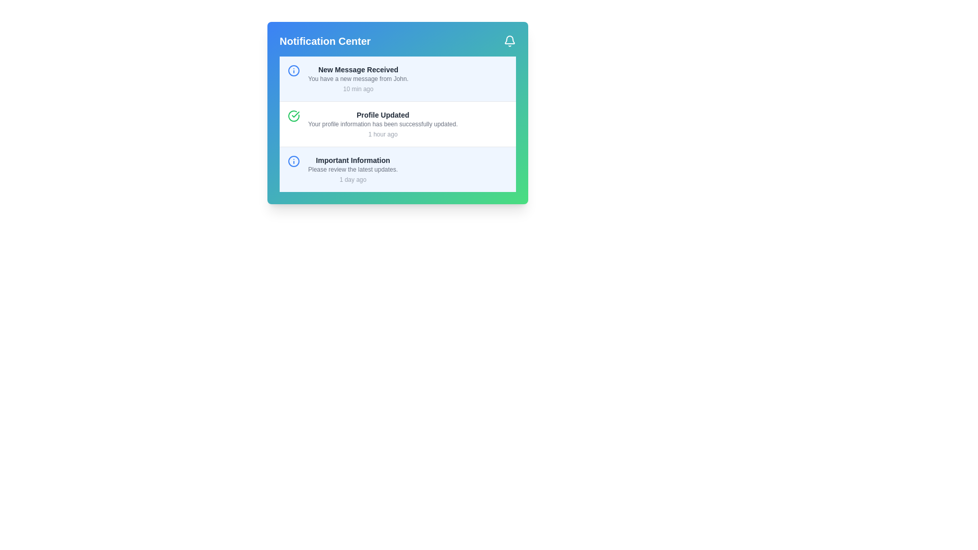  Describe the element at coordinates (293, 70) in the screenshot. I see `the first icon on the left-hand side of the 'New Message Received' notification in the notification center panel, which indicates an information-related notification` at that location.